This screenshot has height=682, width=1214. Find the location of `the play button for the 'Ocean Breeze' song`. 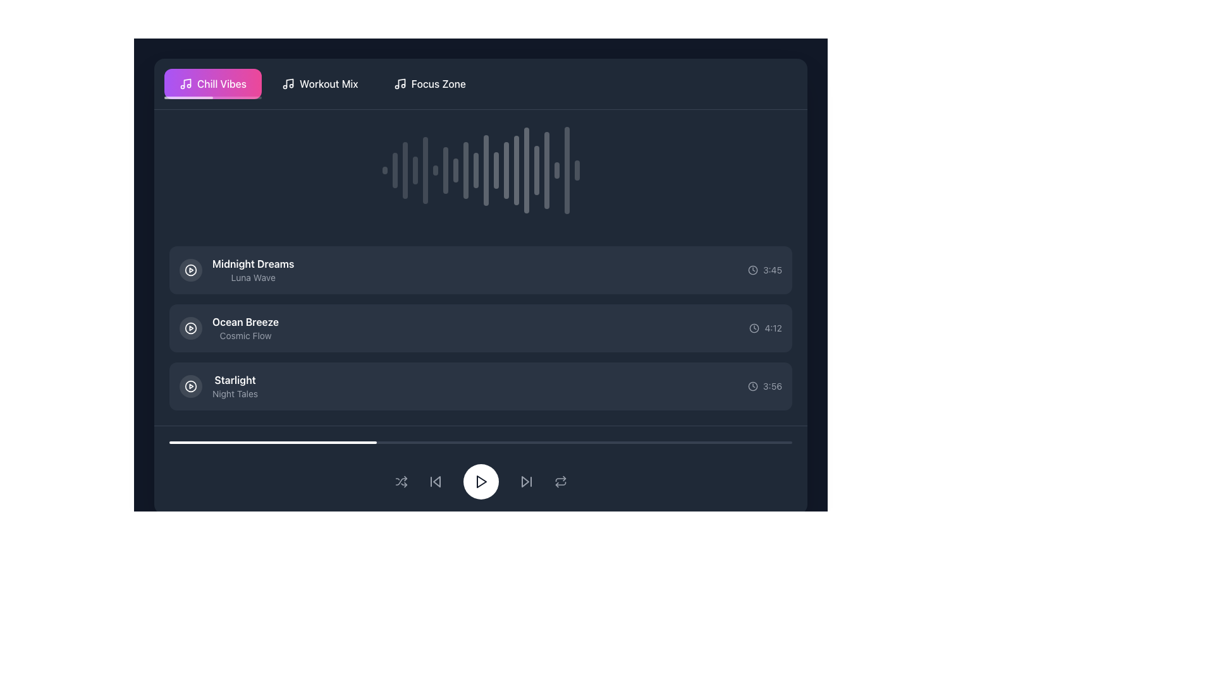

the play button for the 'Ocean Breeze' song is located at coordinates (190, 328).